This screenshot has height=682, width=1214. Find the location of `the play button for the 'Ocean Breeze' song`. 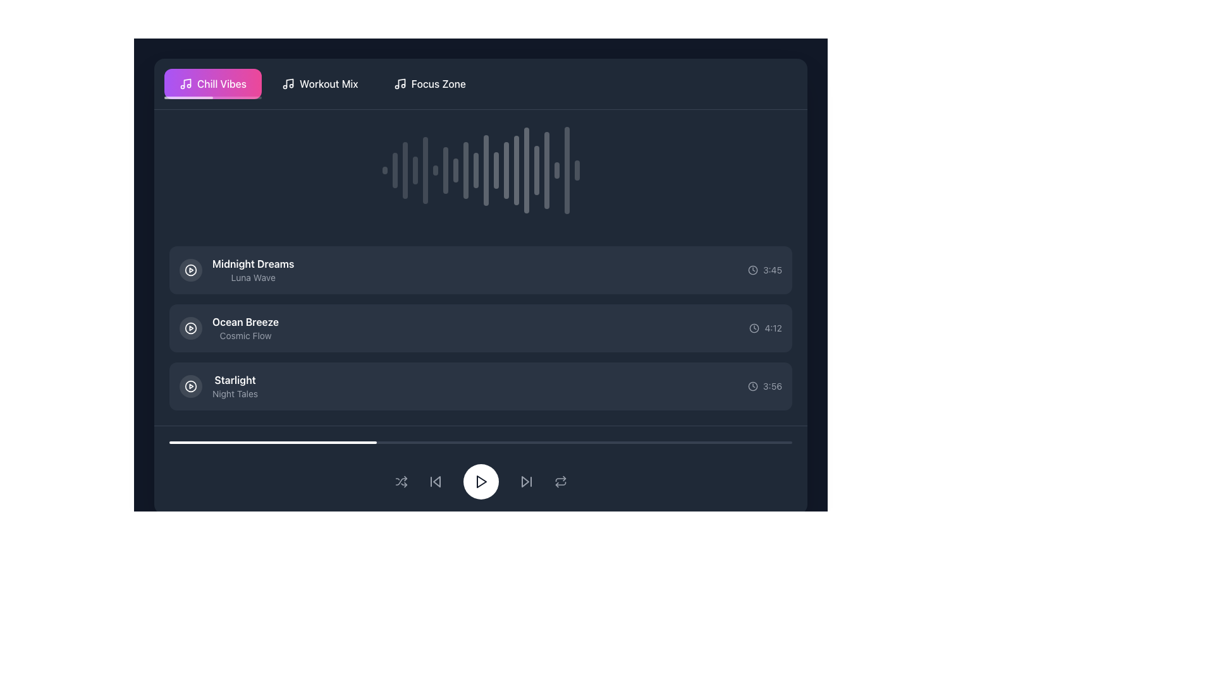

the play button for the 'Ocean Breeze' song is located at coordinates (190, 328).